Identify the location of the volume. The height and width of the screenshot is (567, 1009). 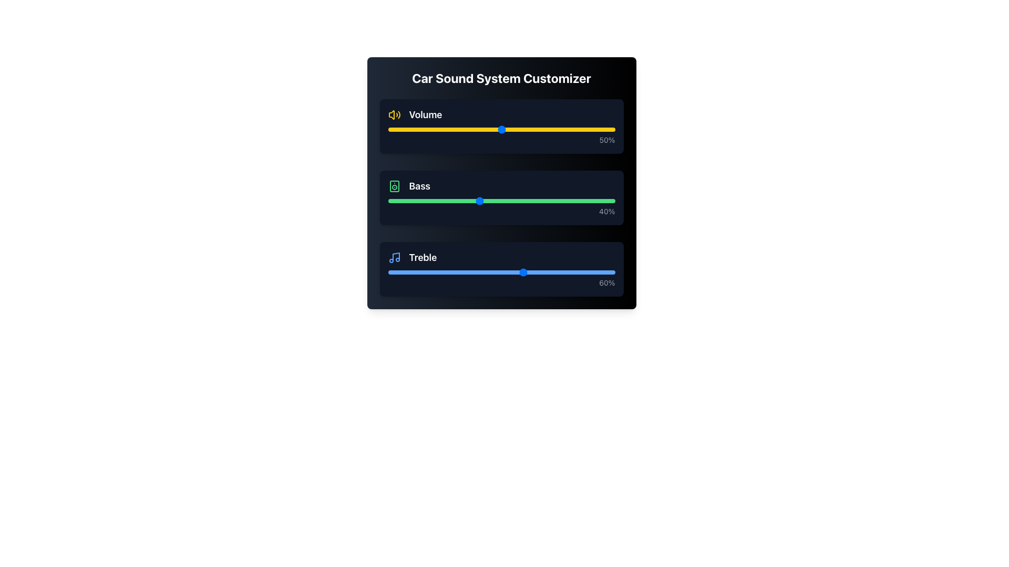
(413, 129).